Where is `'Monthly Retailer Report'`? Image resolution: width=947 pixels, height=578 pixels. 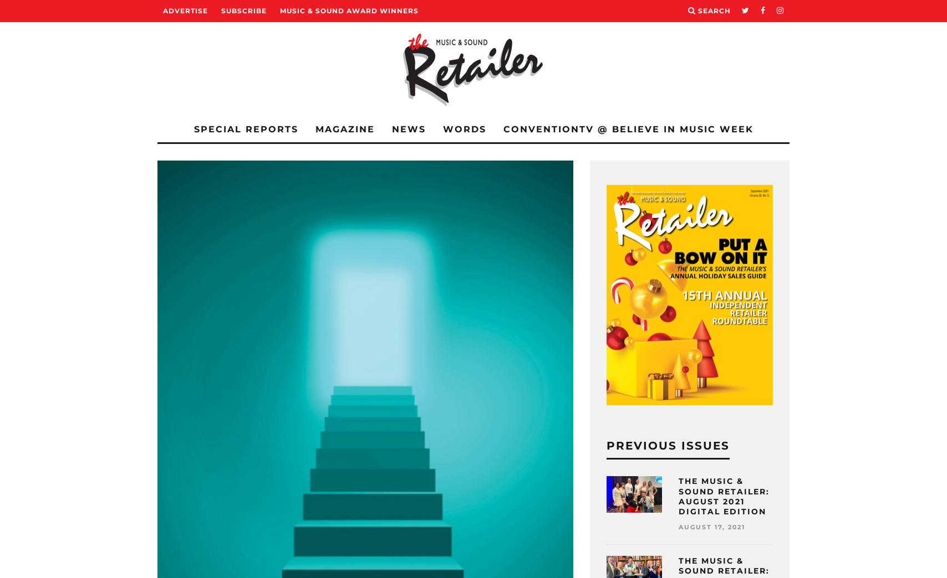
'Monthly Retailer Report' is located at coordinates (265, 105).